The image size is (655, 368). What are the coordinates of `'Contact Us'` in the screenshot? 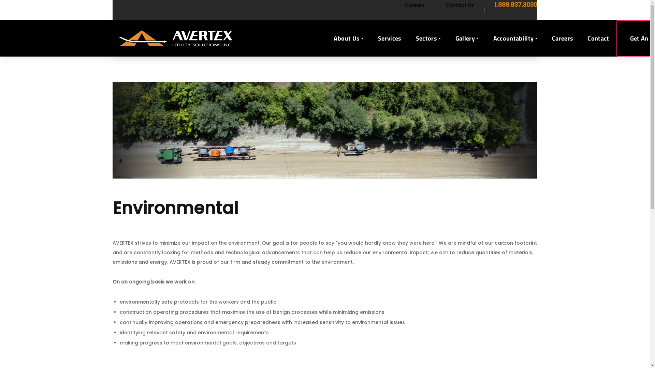 It's located at (460, 5).